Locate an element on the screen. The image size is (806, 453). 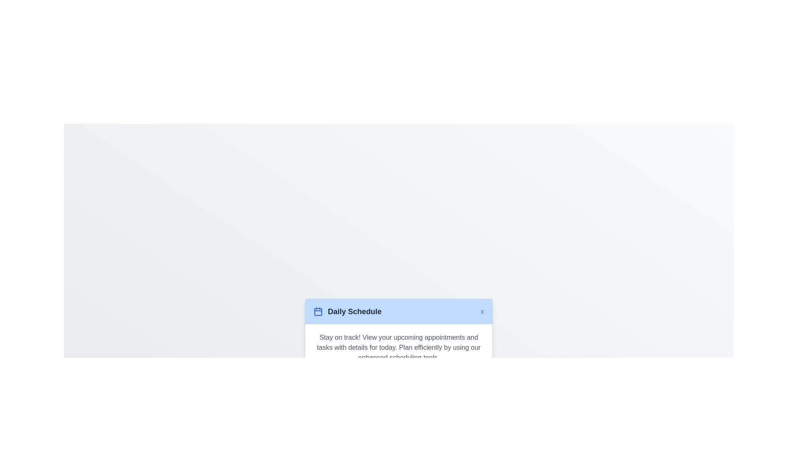
informational text content area located within the 'Daily Schedule' card, positioned below the title section and before the action buttons is located at coordinates (398, 347).